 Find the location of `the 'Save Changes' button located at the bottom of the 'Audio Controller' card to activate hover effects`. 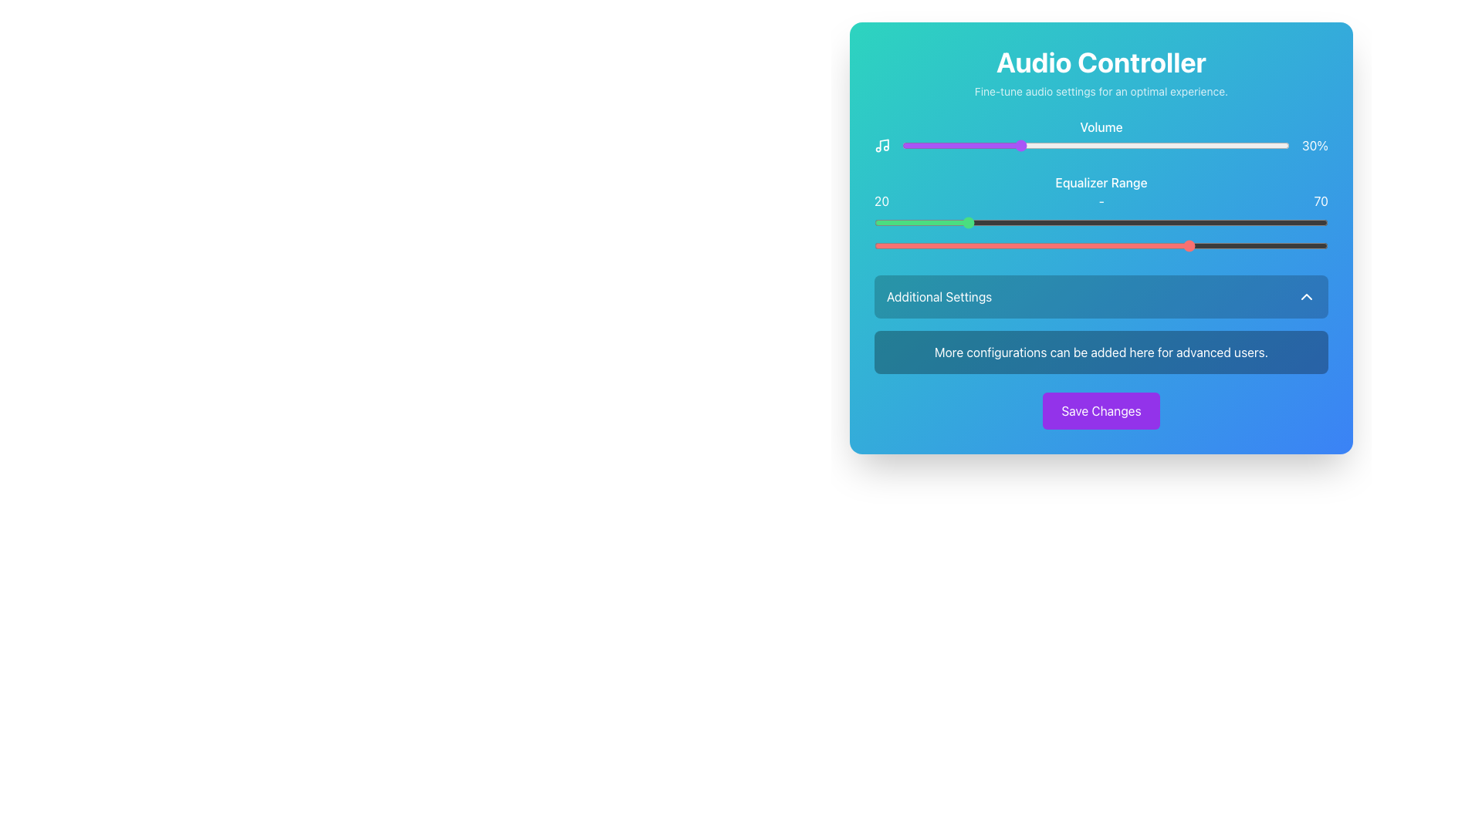

the 'Save Changes' button located at the bottom of the 'Audio Controller' card to activate hover effects is located at coordinates (1100, 410).